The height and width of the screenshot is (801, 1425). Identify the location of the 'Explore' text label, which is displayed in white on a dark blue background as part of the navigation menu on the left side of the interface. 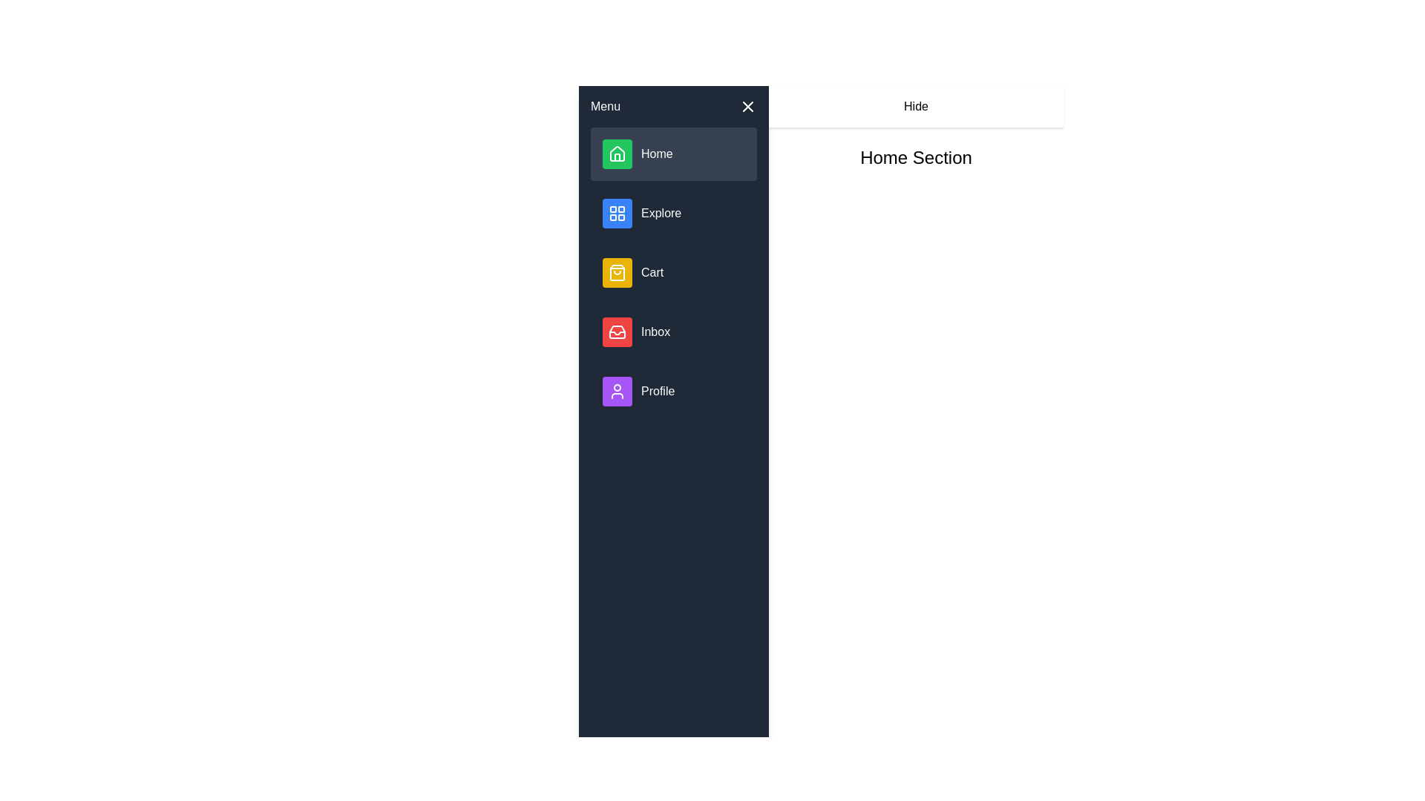
(661, 214).